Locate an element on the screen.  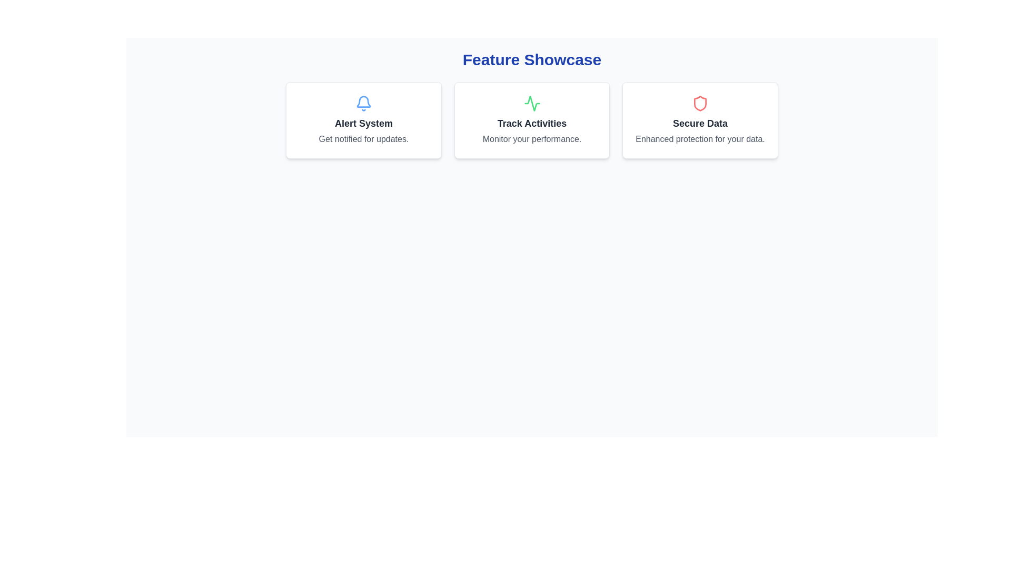
prominently styled text label that indicates 'Secure Data', which is located at the center of the card layout is located at coordinates (700, 123).